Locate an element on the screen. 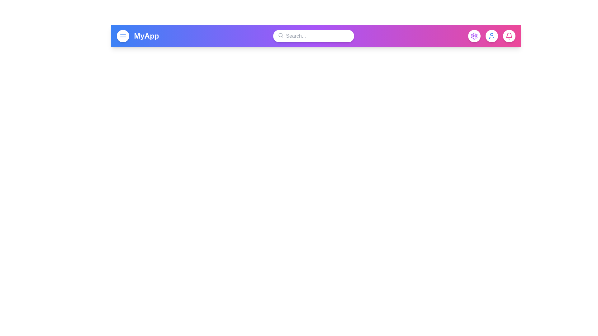 The width and height of the screenshot is (598, 336). the user button to access the user profile is located at coordinates (491, 36).